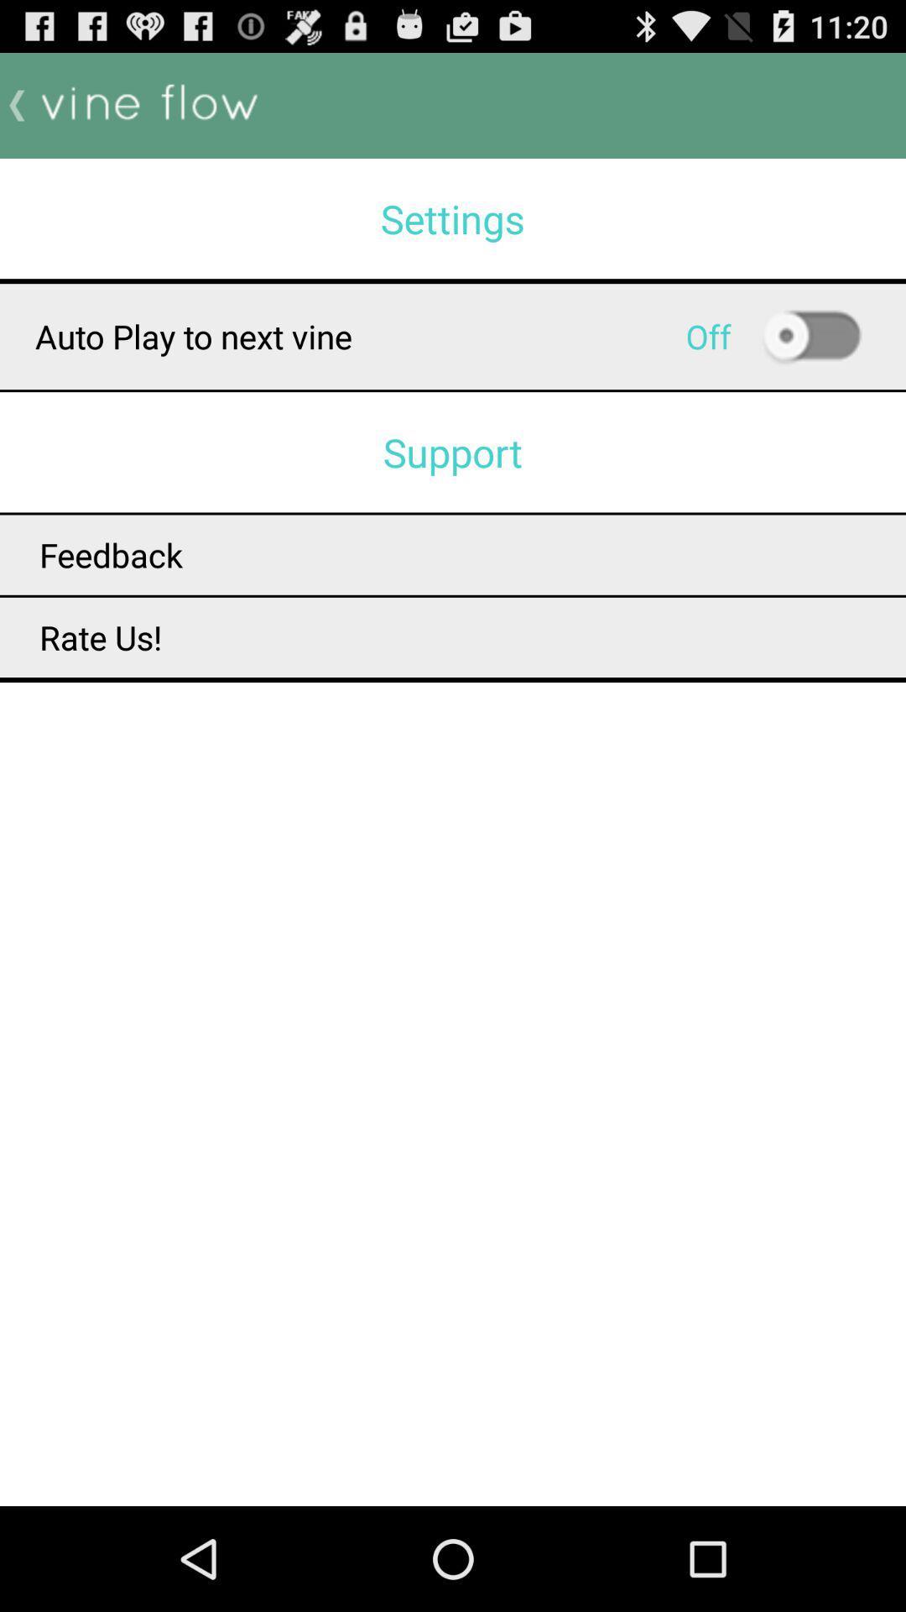  I want to click on the icon next to off app, so click(810, 336).